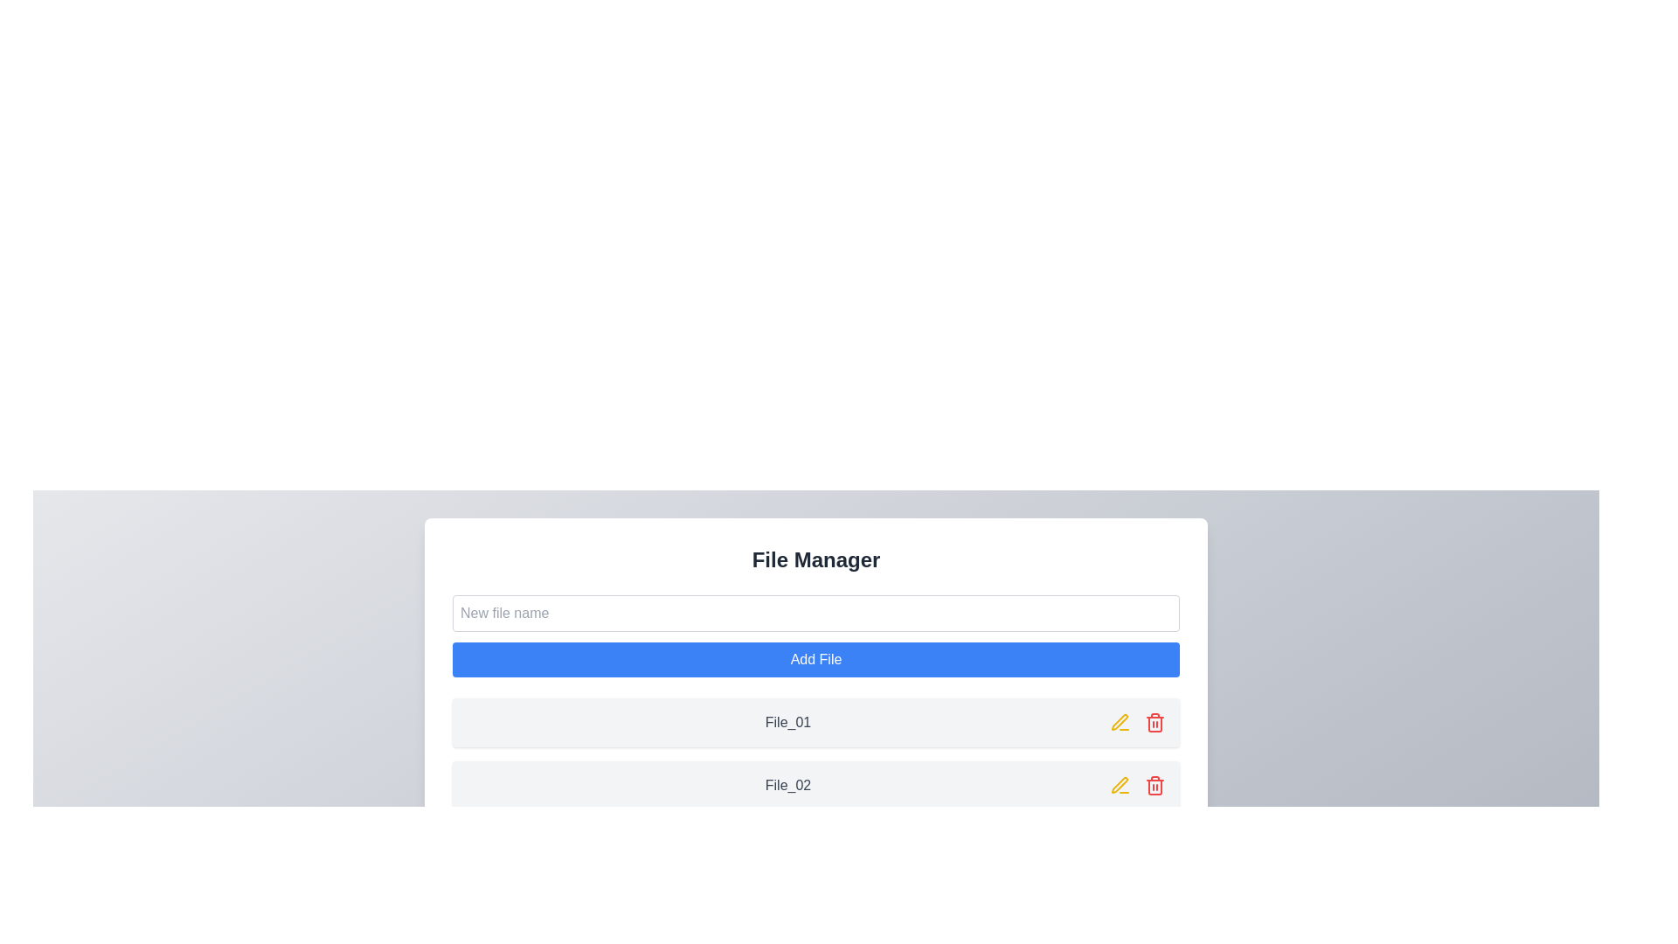  What do you see at coordinates (1120, 722) in the screenshot?
I see `the edit icon button located to the right of the 'File_01' row` at bounding box center [1120, 722].